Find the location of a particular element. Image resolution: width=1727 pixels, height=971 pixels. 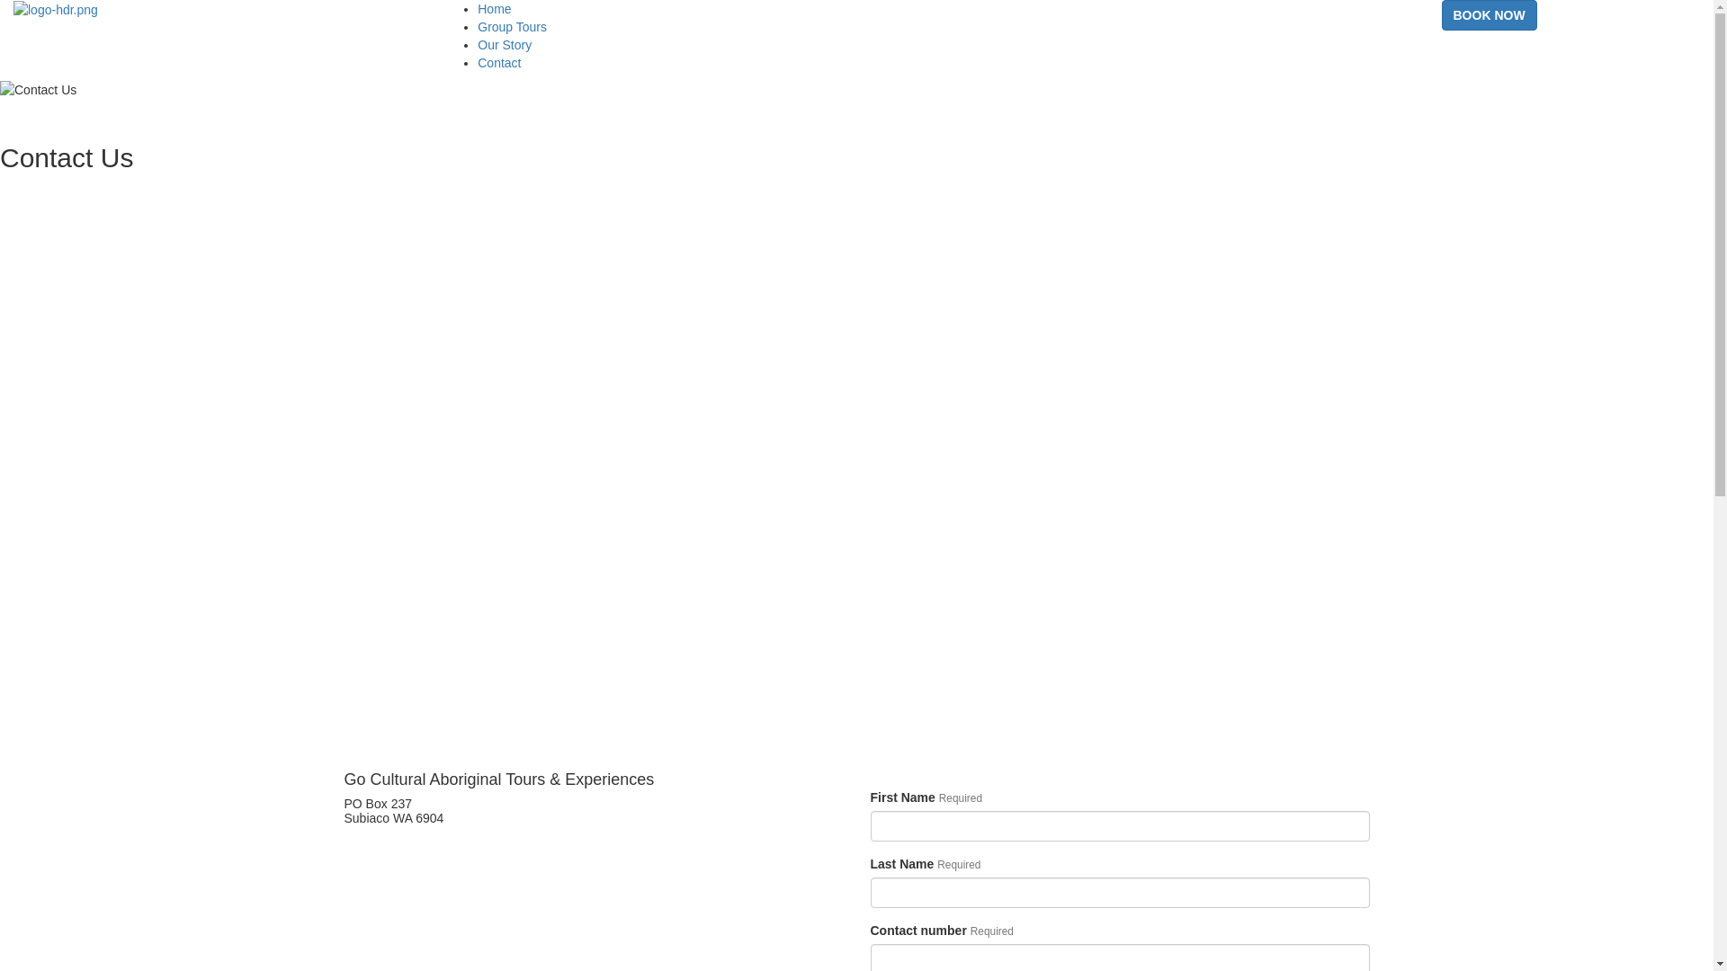

'Group Tours' is located at coordinates (511, 27).